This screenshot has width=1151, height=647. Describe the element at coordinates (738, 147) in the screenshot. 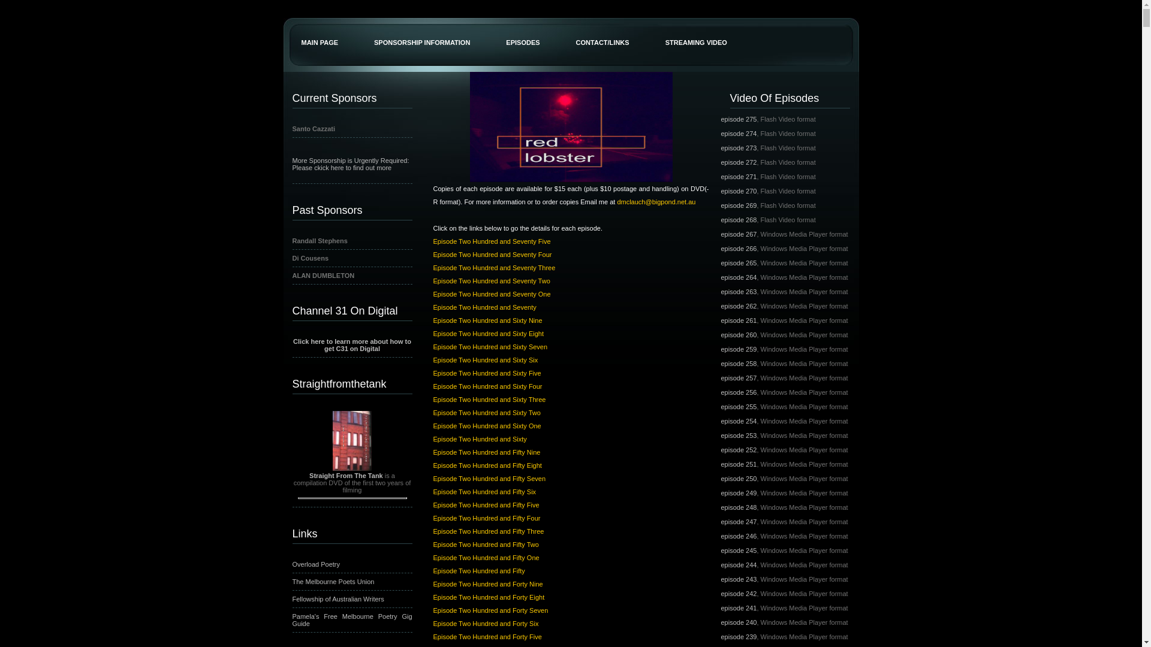

I see `'episode 273'` at that location.